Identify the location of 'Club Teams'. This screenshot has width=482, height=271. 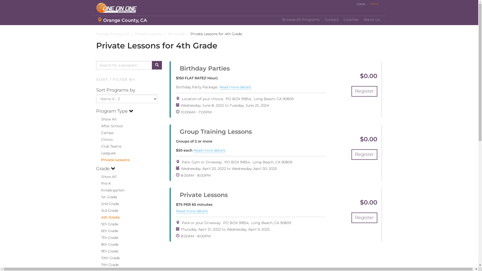
(108, 146).